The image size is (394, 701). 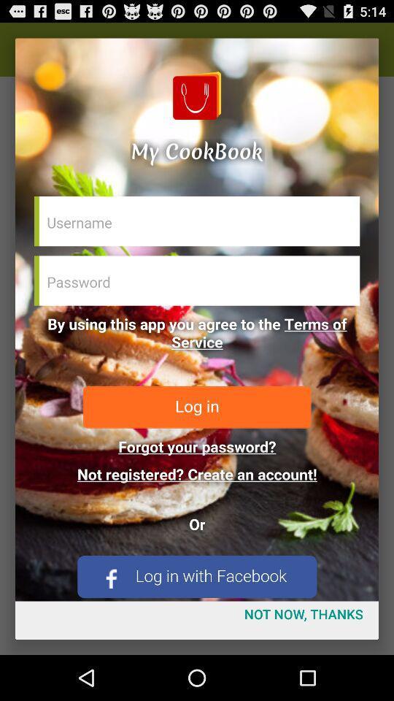 I want to click on the cook page, so click(x=197, y=319).